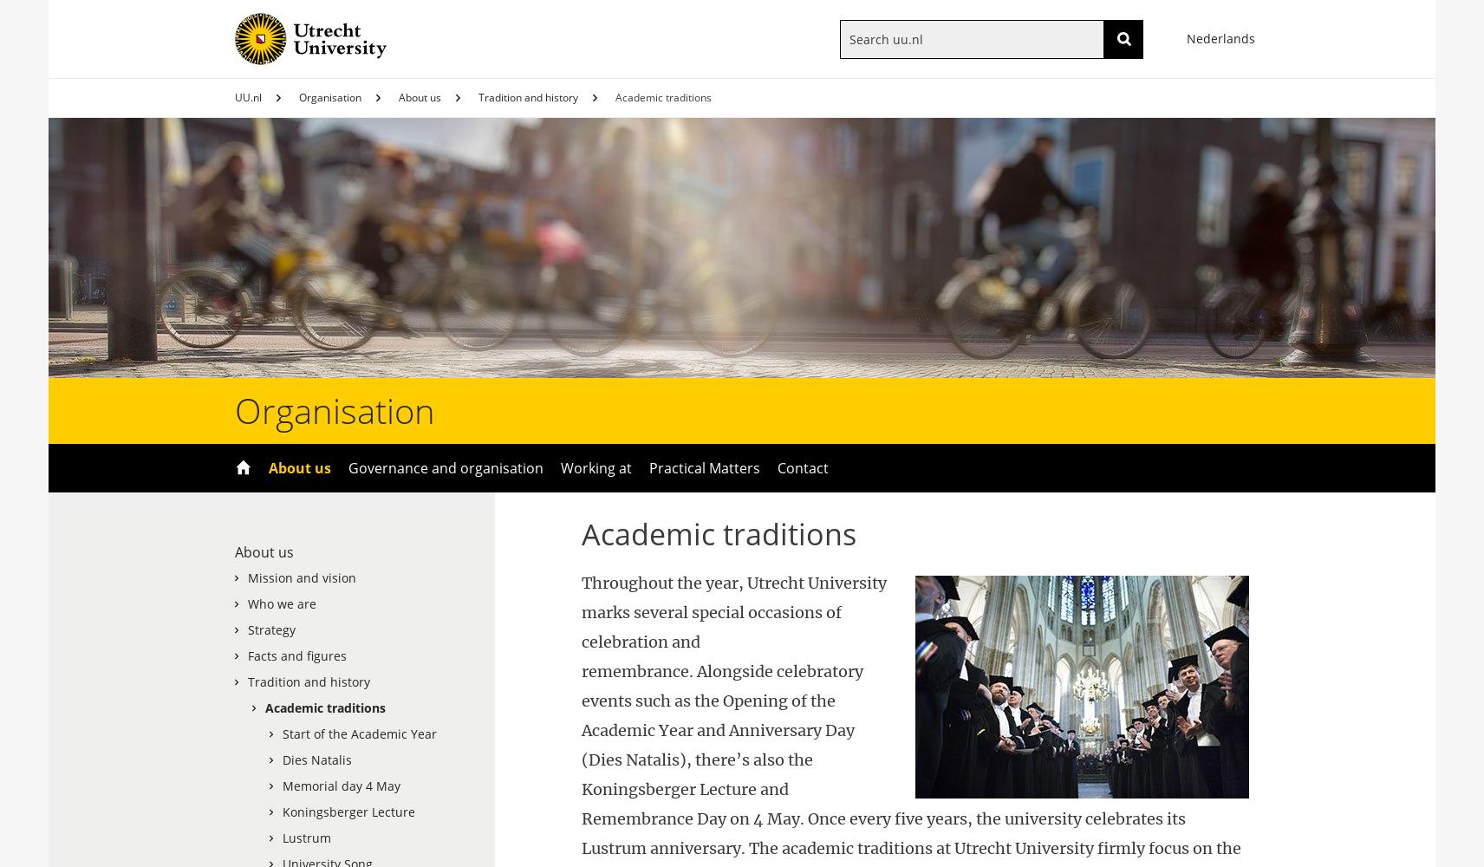  Describe the element at coordinates (888, 71) in the screenshot. I see `'Subject'` at that location.